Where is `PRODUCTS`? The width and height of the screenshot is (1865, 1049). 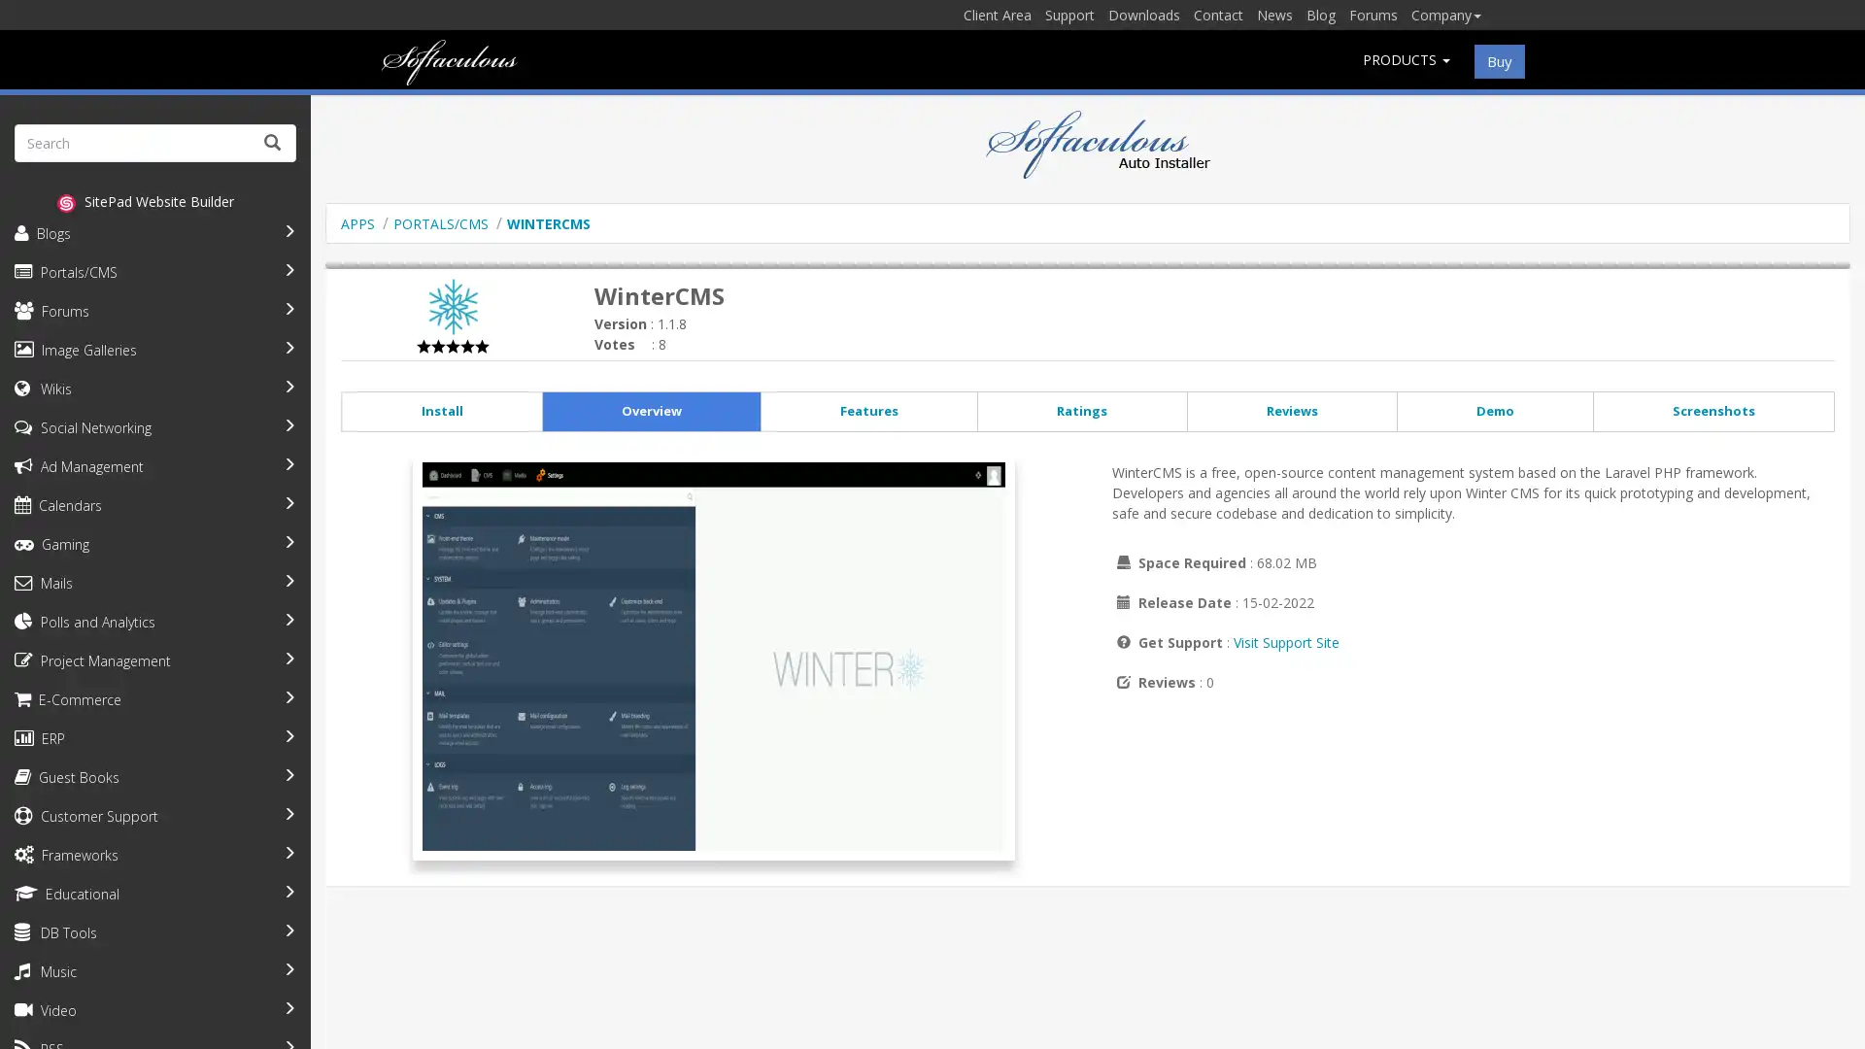
PRODUCTS is located at coordinates (1407, 58).